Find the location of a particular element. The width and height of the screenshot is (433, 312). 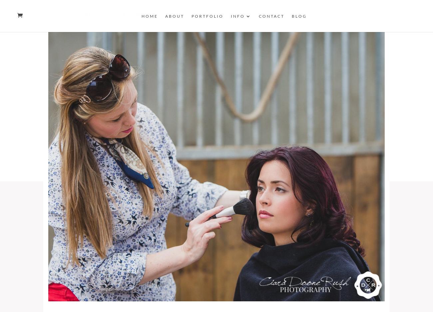

'Dog Photo Shoots' is located at coordinates (244, 117).